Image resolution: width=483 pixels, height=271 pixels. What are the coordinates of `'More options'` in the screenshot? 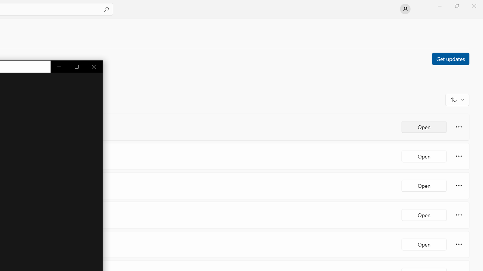 It's located at (458, 244).